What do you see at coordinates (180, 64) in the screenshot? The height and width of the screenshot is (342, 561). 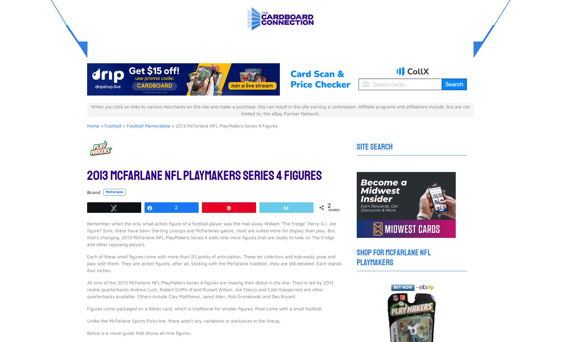 I see `'$5.07'` at bounding box center [180, 64].